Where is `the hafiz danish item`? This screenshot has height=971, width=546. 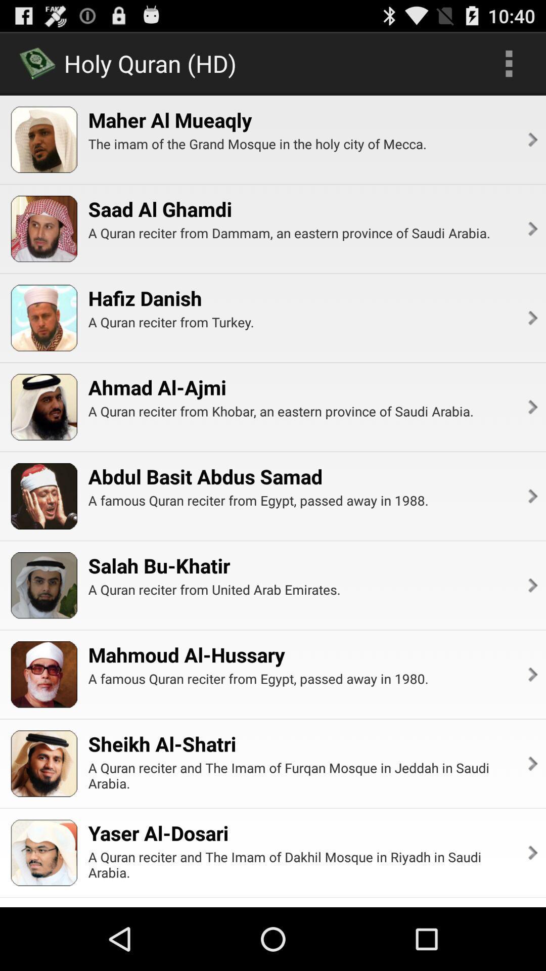 the hafiz danish item is located at coordinates (145, 297).